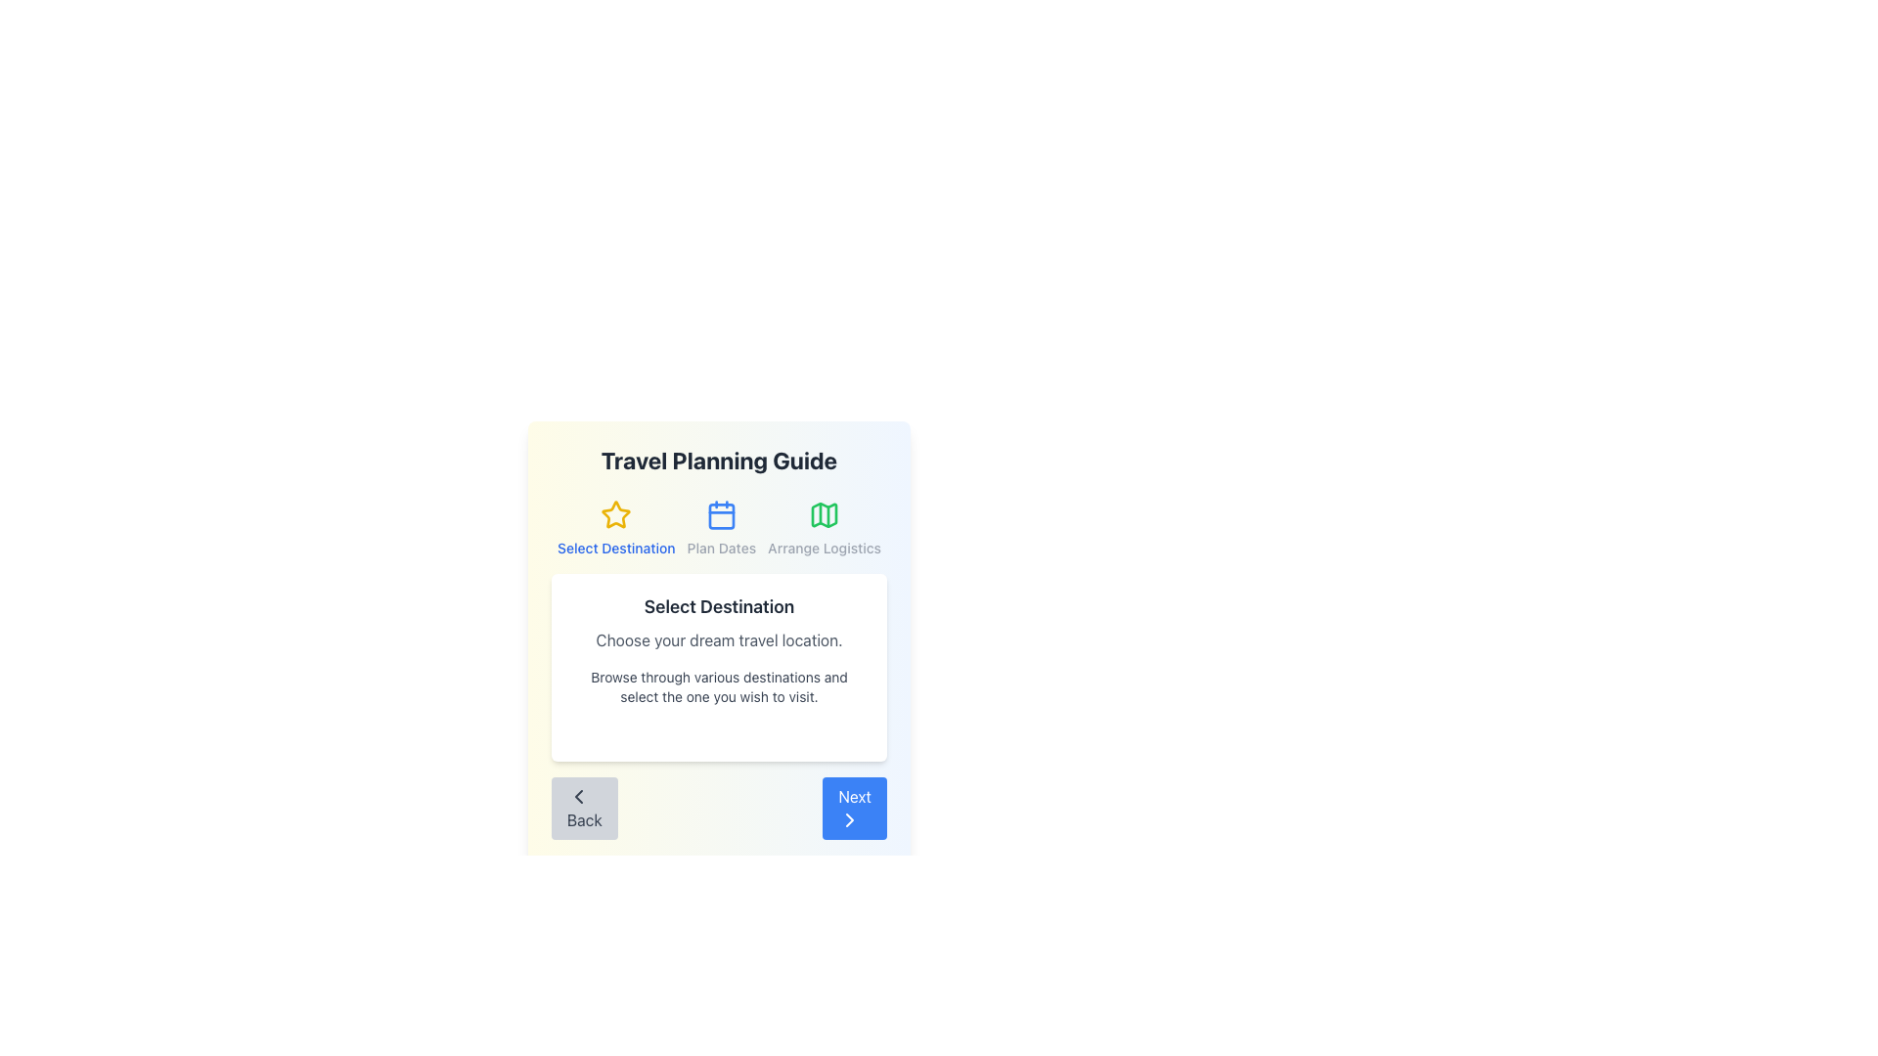 The width and height of the screenshot is (1878, 1056). I want to click on the 'Arrange Logistics' navigation icon located in the top navigation bar of the 'Travel Planning Guide' interface, so click(825, 514).